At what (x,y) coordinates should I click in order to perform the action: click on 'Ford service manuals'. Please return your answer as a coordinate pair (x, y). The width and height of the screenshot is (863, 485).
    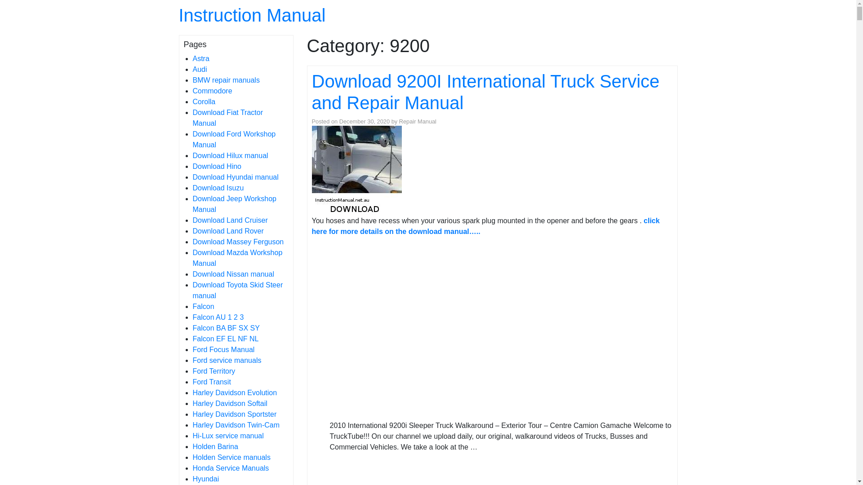
    Looking at the image, I should click on (227, 360).